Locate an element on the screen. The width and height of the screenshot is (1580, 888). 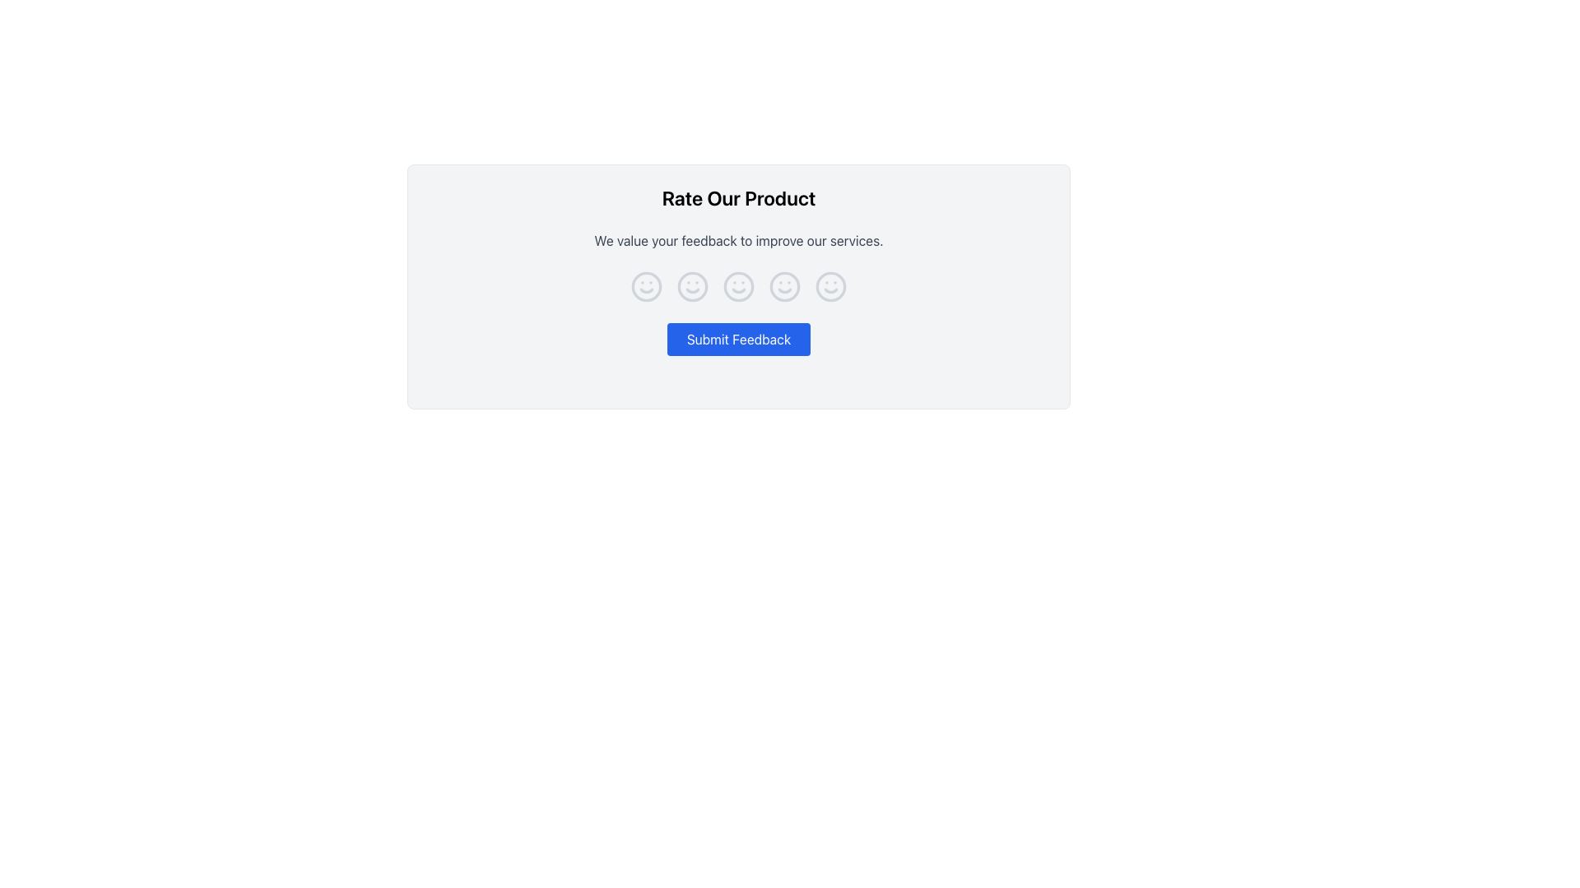
the blue rectangular 'Submit Feedback' button with rounded corners is located at coordinates (737, 338).